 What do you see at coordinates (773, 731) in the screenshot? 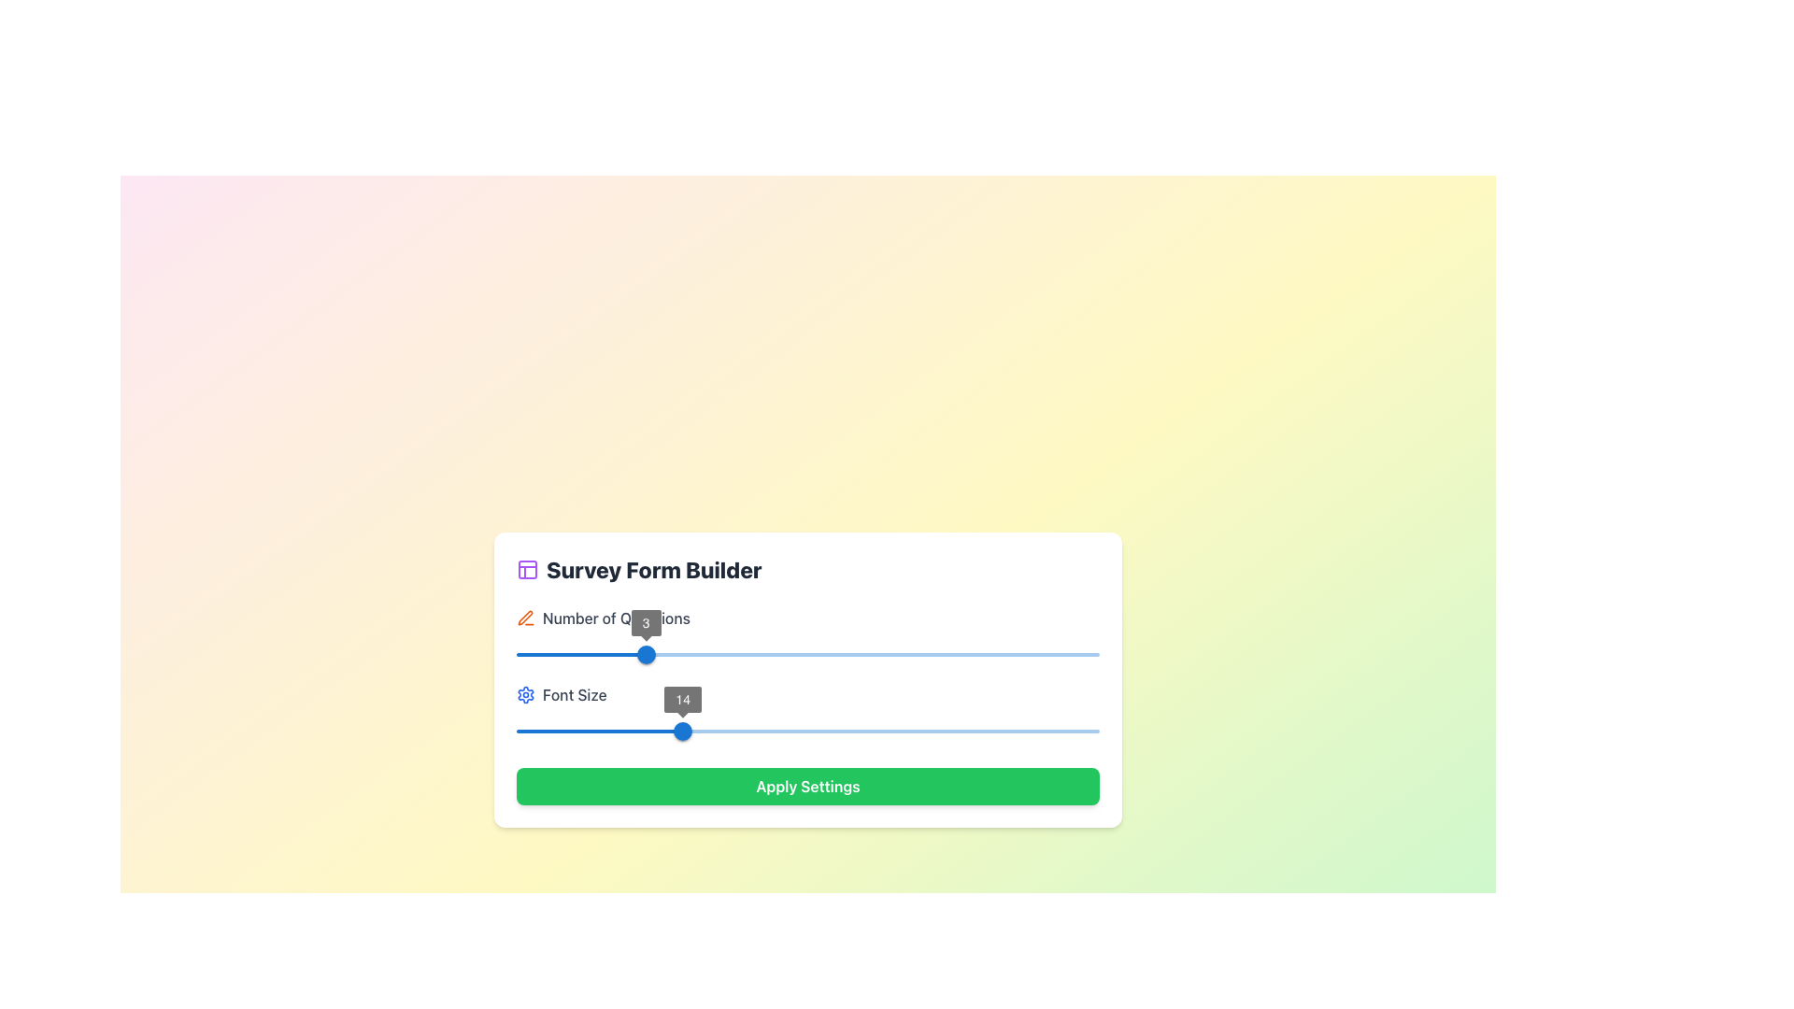
I see `the slider value` at bounding box center [773, 731].